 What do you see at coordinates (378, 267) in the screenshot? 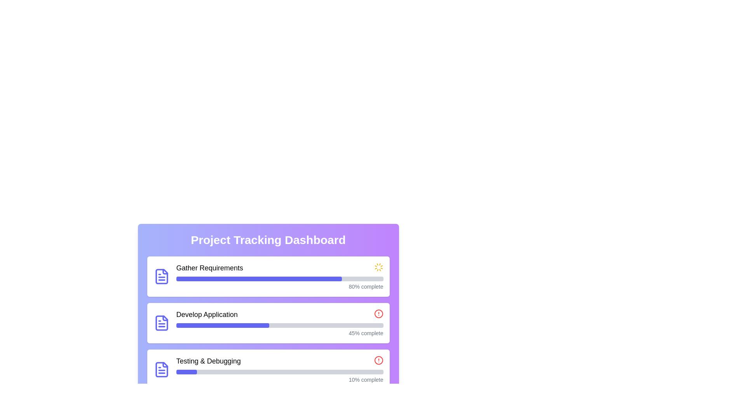
I see `the Loading Indicator (Spinner) located to the right of the 'Gather Requirements' text in the 'Project Tracking Dashboard' UI card to indicate ongoing activity` at bounding box center [378, 267].